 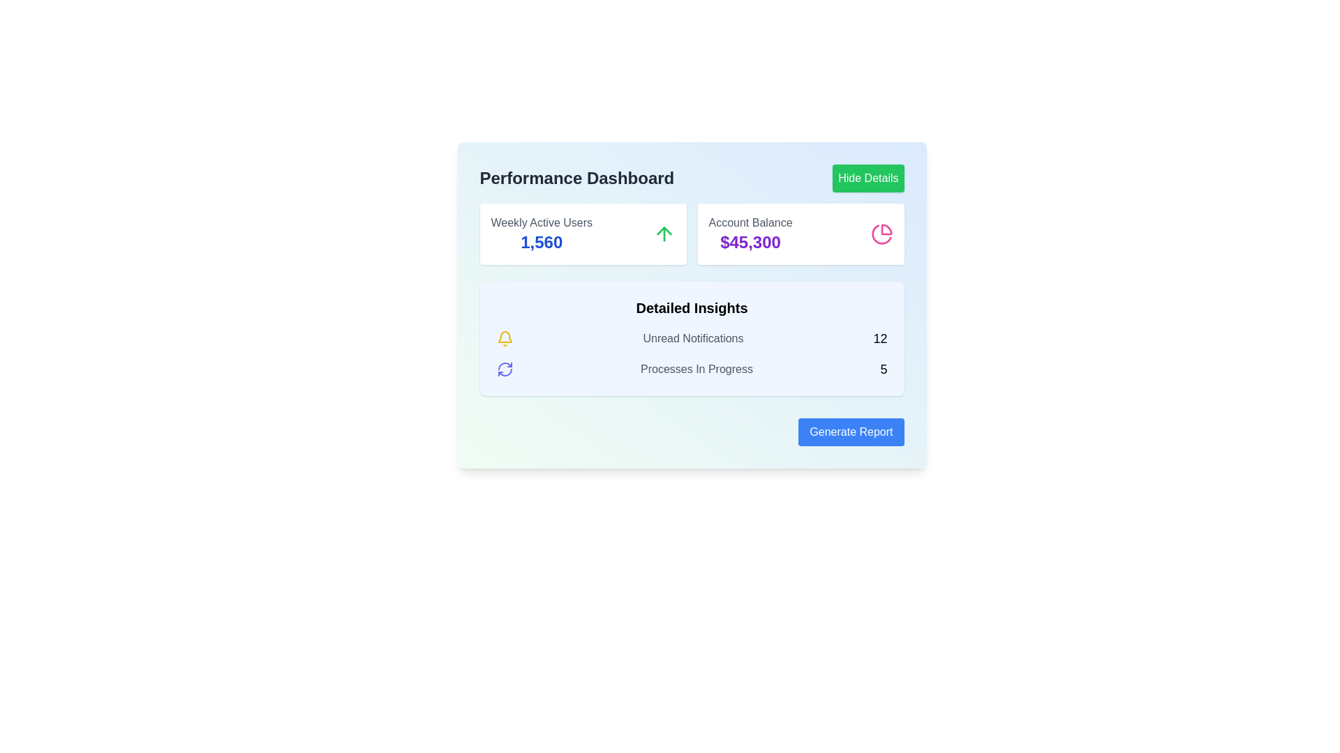 I want to click on the Informational display panel that shows 'Weekly Active Users' and 'Account Balance', located below the 'Performance Dashboard' title, so click(x=692, y=233).